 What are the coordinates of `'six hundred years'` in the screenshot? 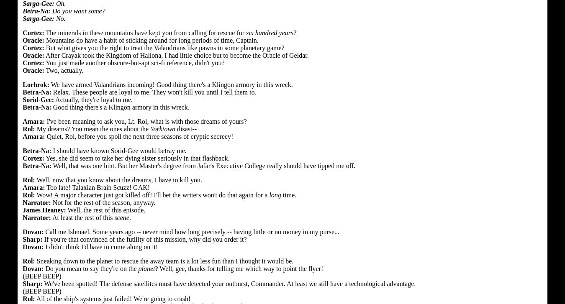 It's located at (246, 32).